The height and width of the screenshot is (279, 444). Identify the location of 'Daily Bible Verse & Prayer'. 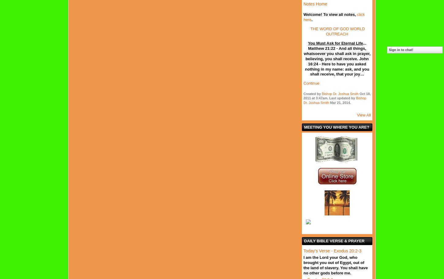
(334, 241).